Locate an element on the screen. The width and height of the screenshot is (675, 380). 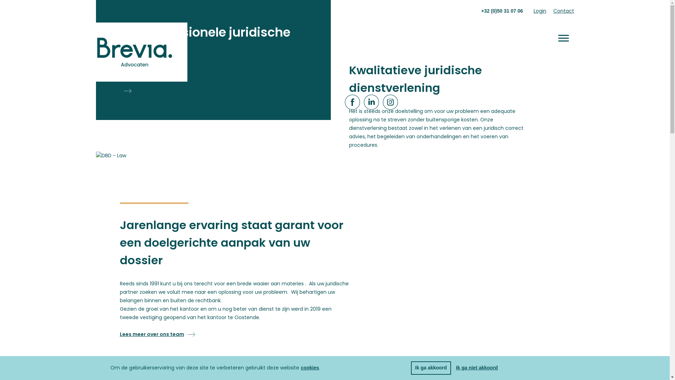
'Contact' is located at coordinates (564, 11).